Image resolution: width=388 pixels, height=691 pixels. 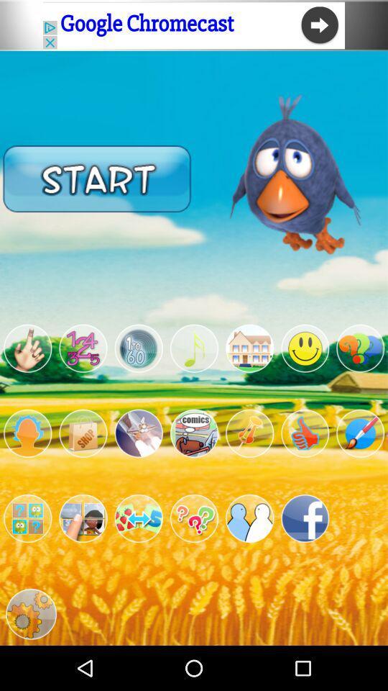 What do you see at coordinates (31, 613) in the screenshot?
I see `settings option` at bounding box center [31, 613].